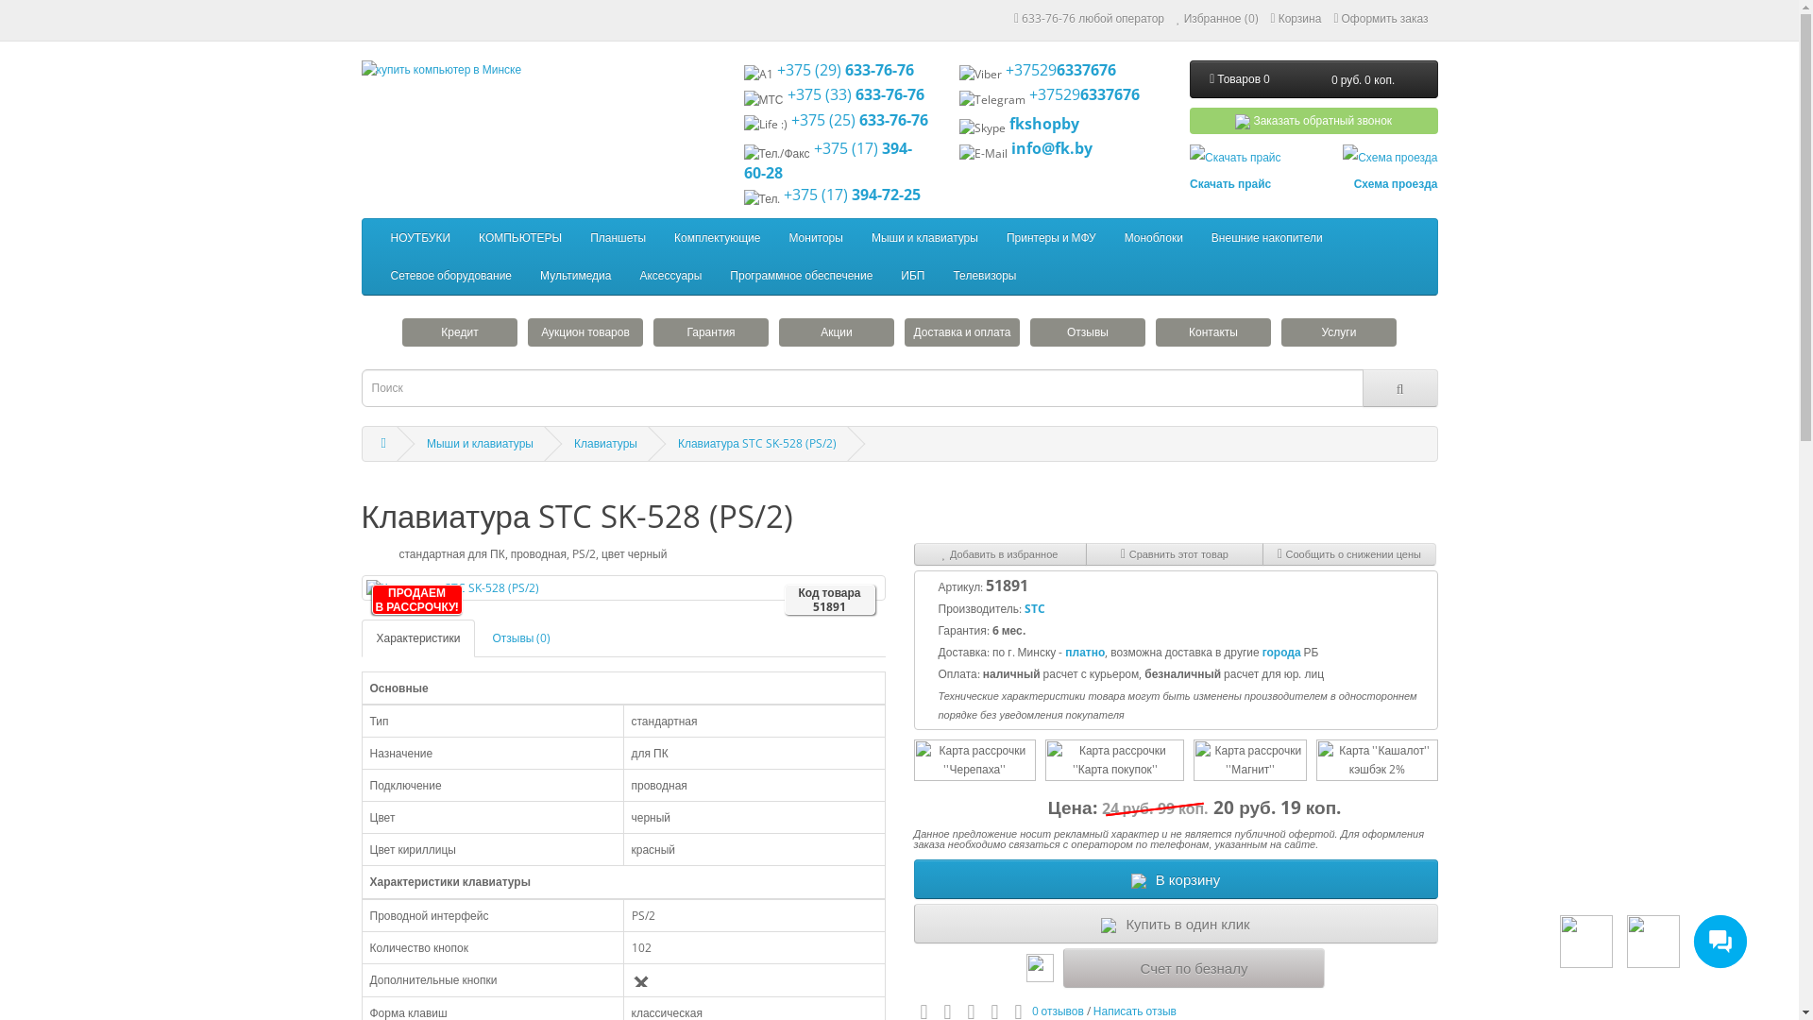 This screenshot has height=1020, width=1813. What do you see at coordinates (828, 159) in the screenshot?
I see `'+375 (17) 394-60-28'` at bounding box center [828, 159].